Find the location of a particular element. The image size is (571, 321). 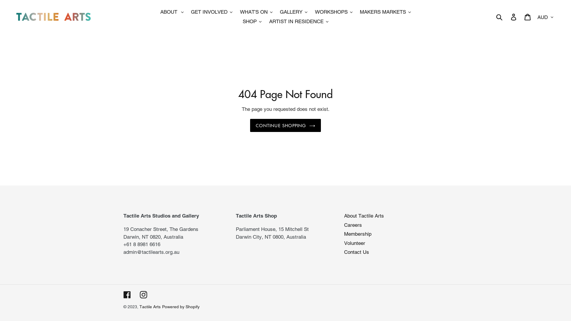

'Membership' is located at coordinates (357, 233).